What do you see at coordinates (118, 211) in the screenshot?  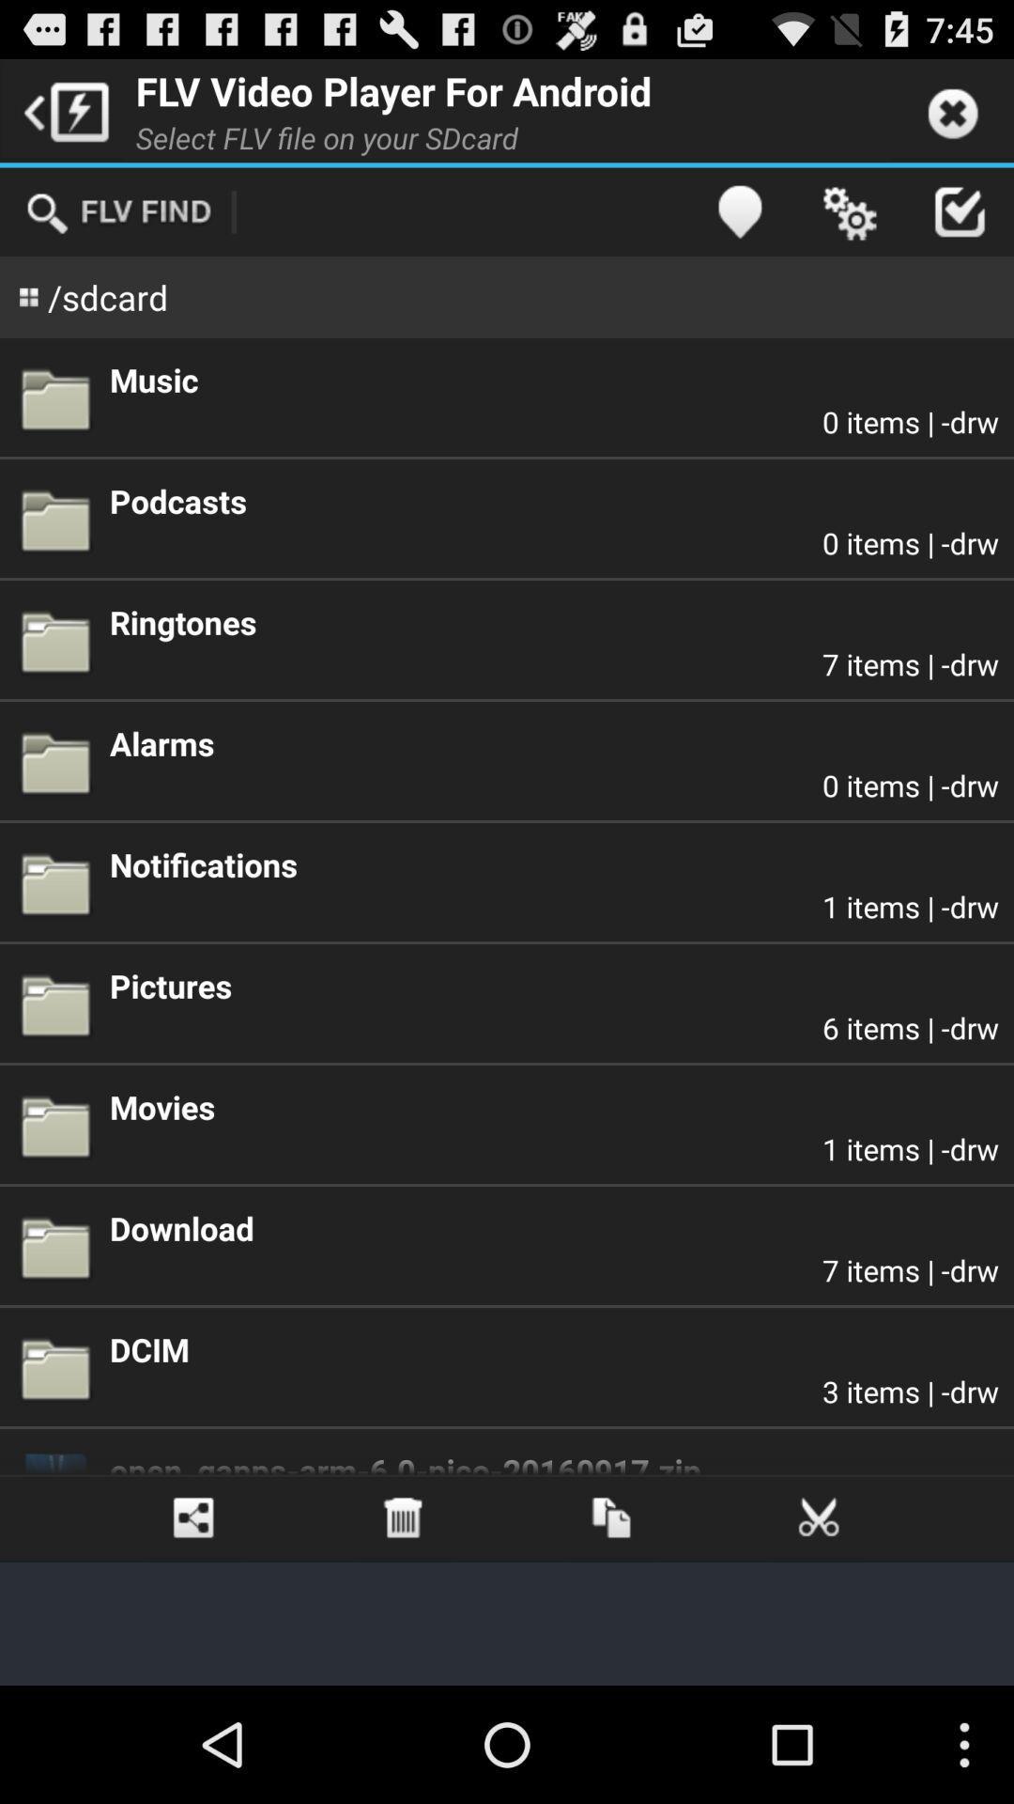 I see `item above /sdcard app` at bounding box center [118, 211].